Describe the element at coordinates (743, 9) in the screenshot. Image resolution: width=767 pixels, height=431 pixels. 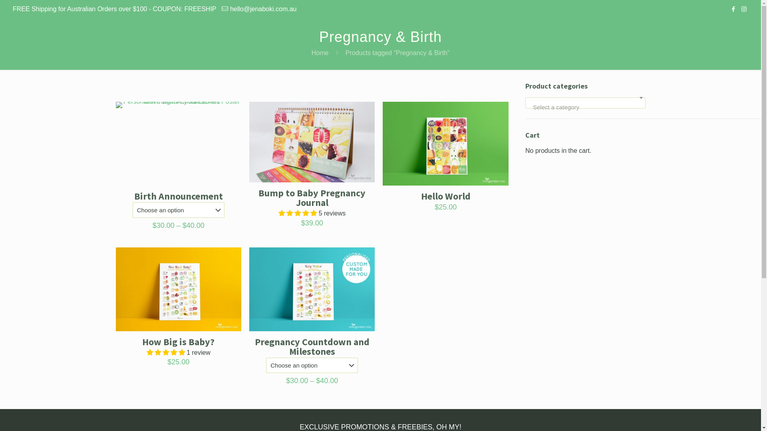
I see `'Instagram'` at that location.